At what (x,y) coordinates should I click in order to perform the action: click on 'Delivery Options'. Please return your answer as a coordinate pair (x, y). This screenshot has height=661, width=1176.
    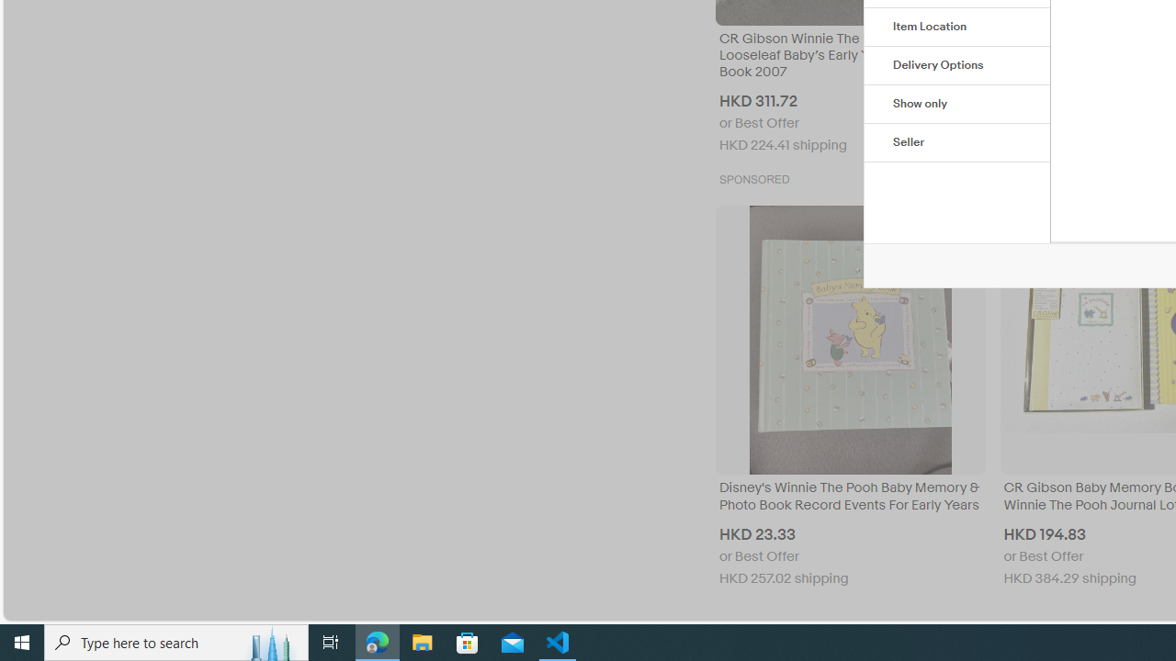
    Looking at the image, I should click on (956, 65).